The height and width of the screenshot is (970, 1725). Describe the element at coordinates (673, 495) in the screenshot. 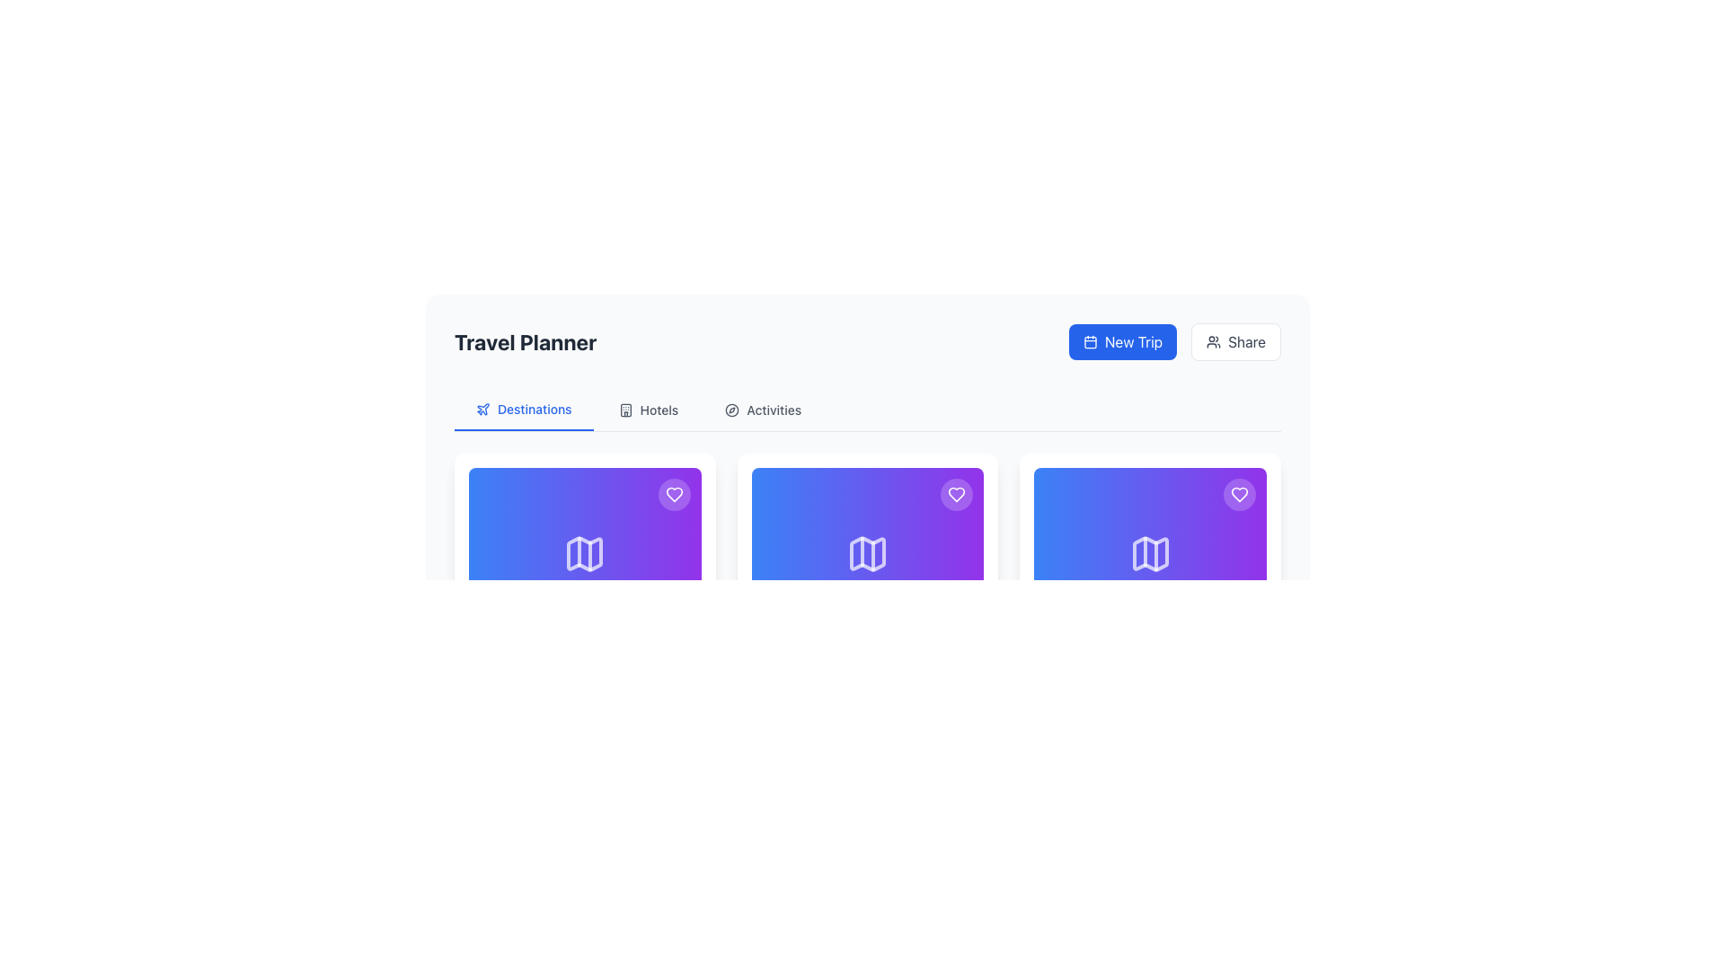

I see `the favorite button located at the top-right corner of the first card in a horizontal layout` at that location.